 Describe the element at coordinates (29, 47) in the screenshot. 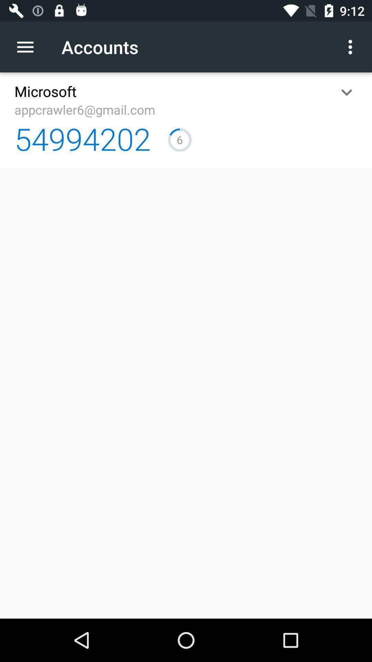

I see `app next to the accounts` at that location.